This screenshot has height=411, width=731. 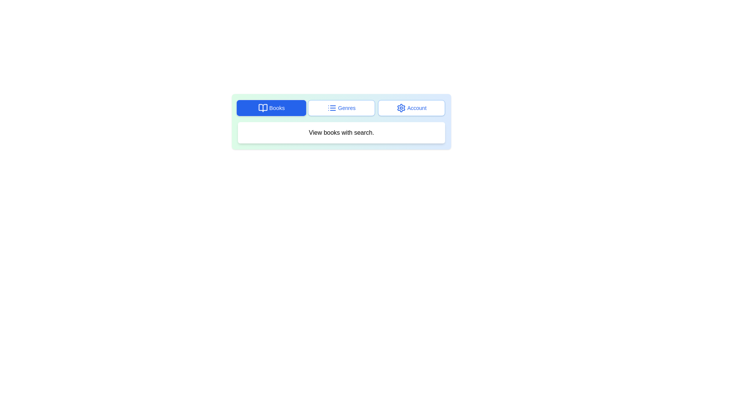 What do you see at coordinates (332, 108) in the screenshot?
I see `the 'Genres' icon located at the top navigation bar, which is the first visual component preceding the text 'Genres'` at bounding box center [332, 108].